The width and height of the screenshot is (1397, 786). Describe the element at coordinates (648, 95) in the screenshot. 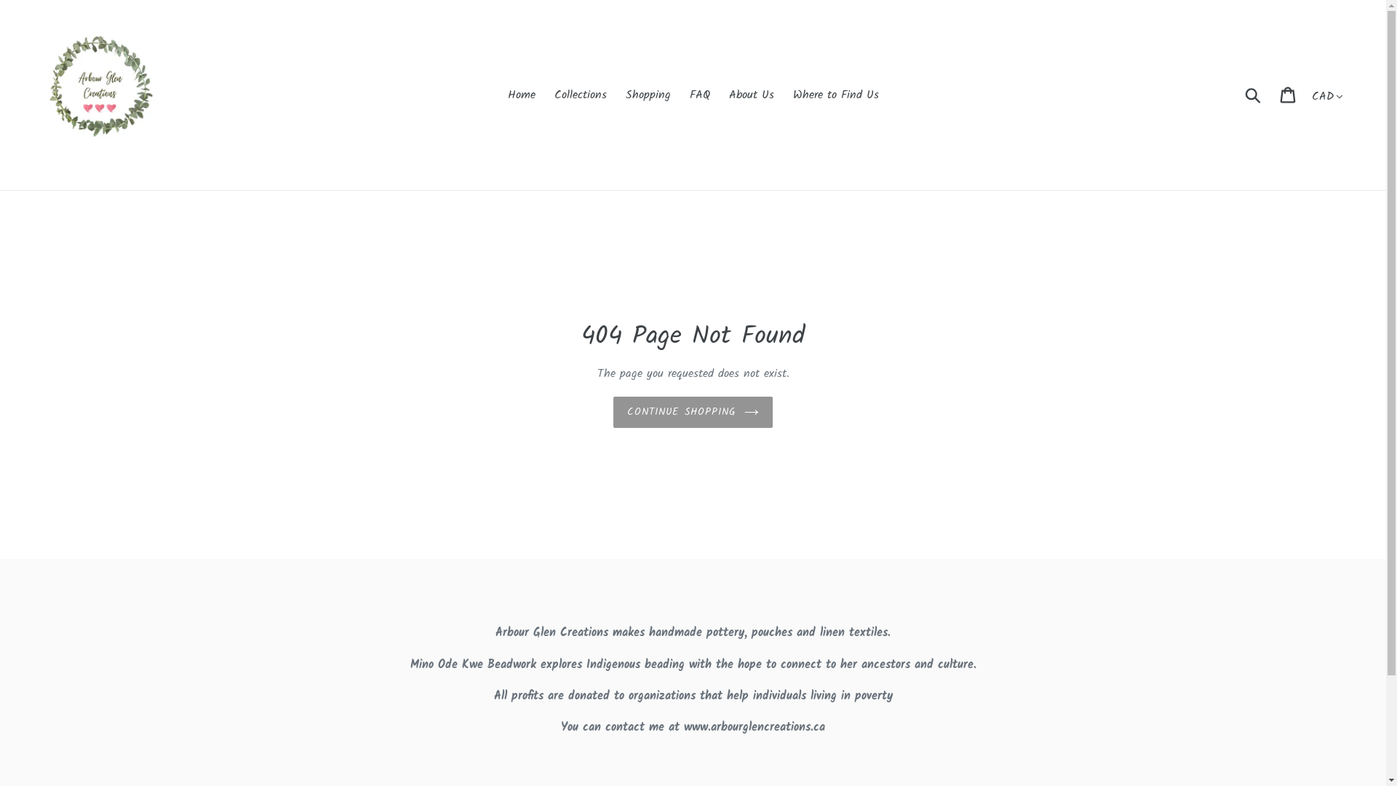

I see `'Shopping'` at that location.